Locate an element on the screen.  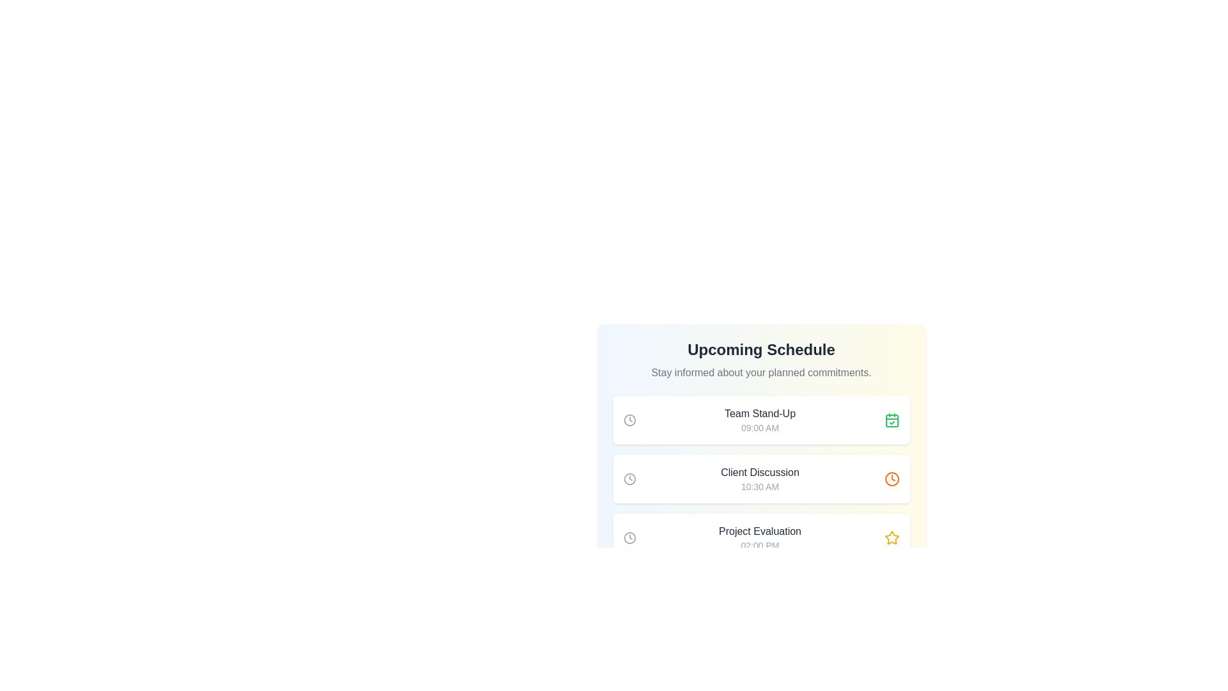
the text label displaying '09:00 AM' which is located beneath the 'Team Stand-Up' heading in the scheduler interface is located at coordinates (760, 427).